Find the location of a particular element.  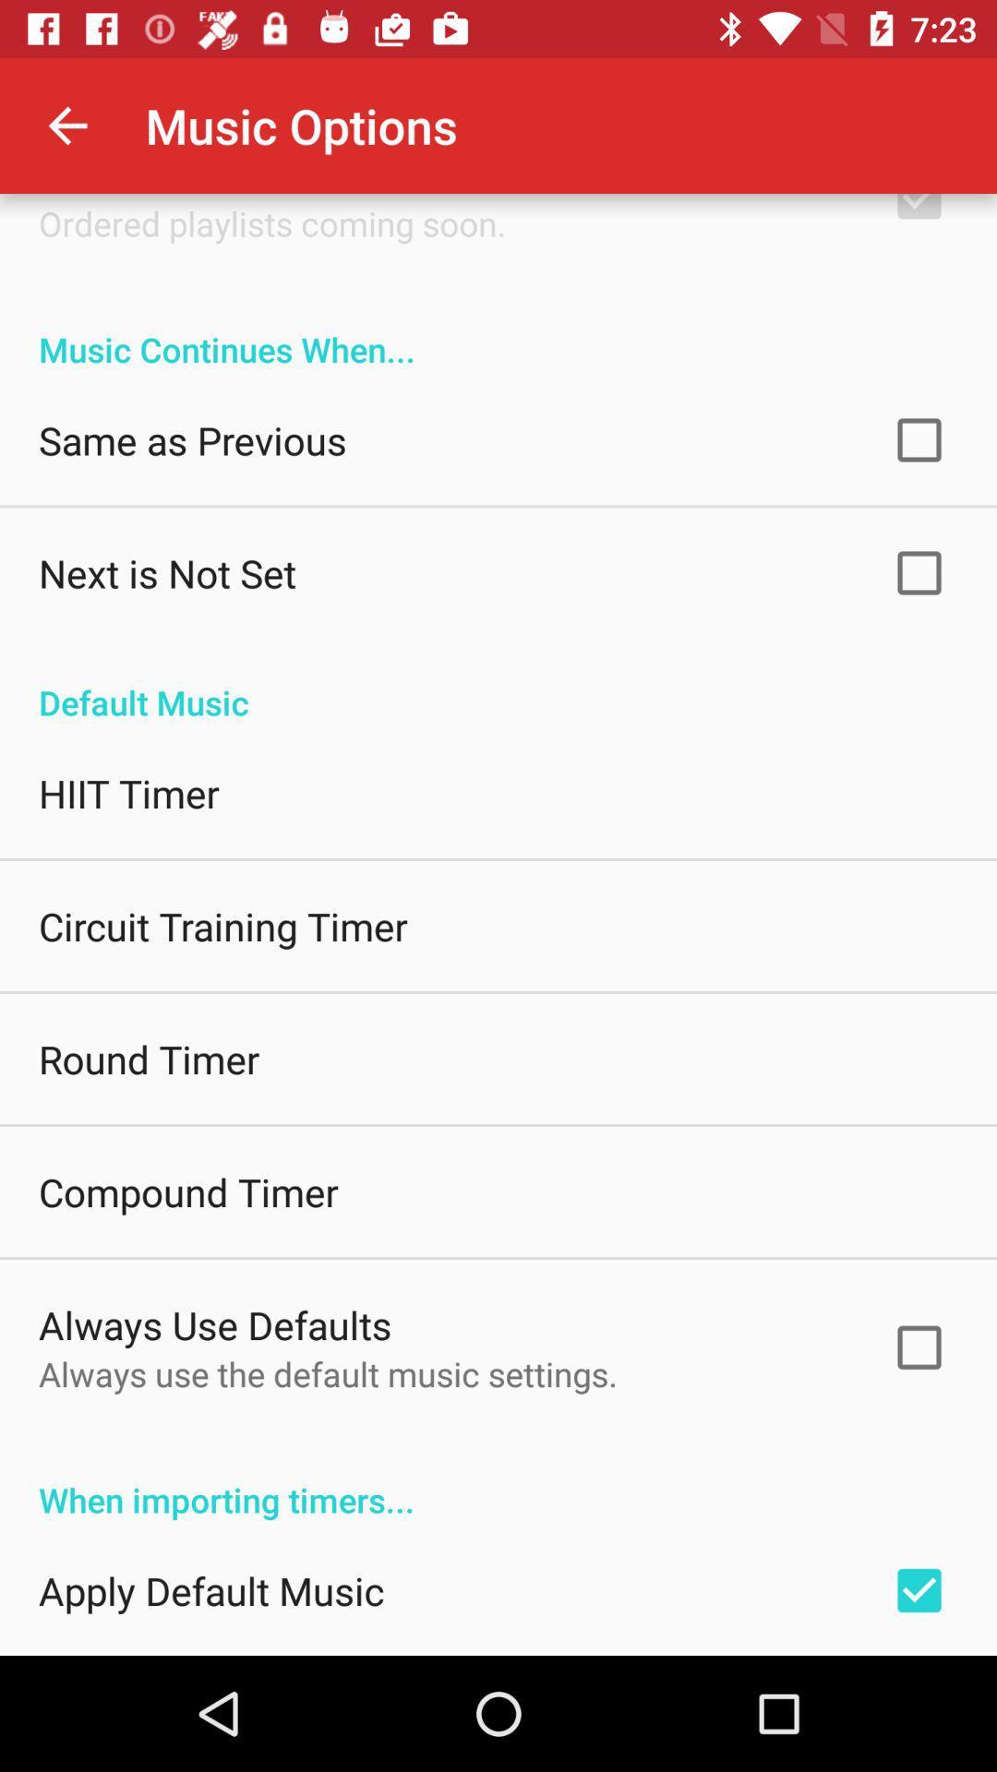

the icon below the hiit timer icon is located at coordinates (222, 926).